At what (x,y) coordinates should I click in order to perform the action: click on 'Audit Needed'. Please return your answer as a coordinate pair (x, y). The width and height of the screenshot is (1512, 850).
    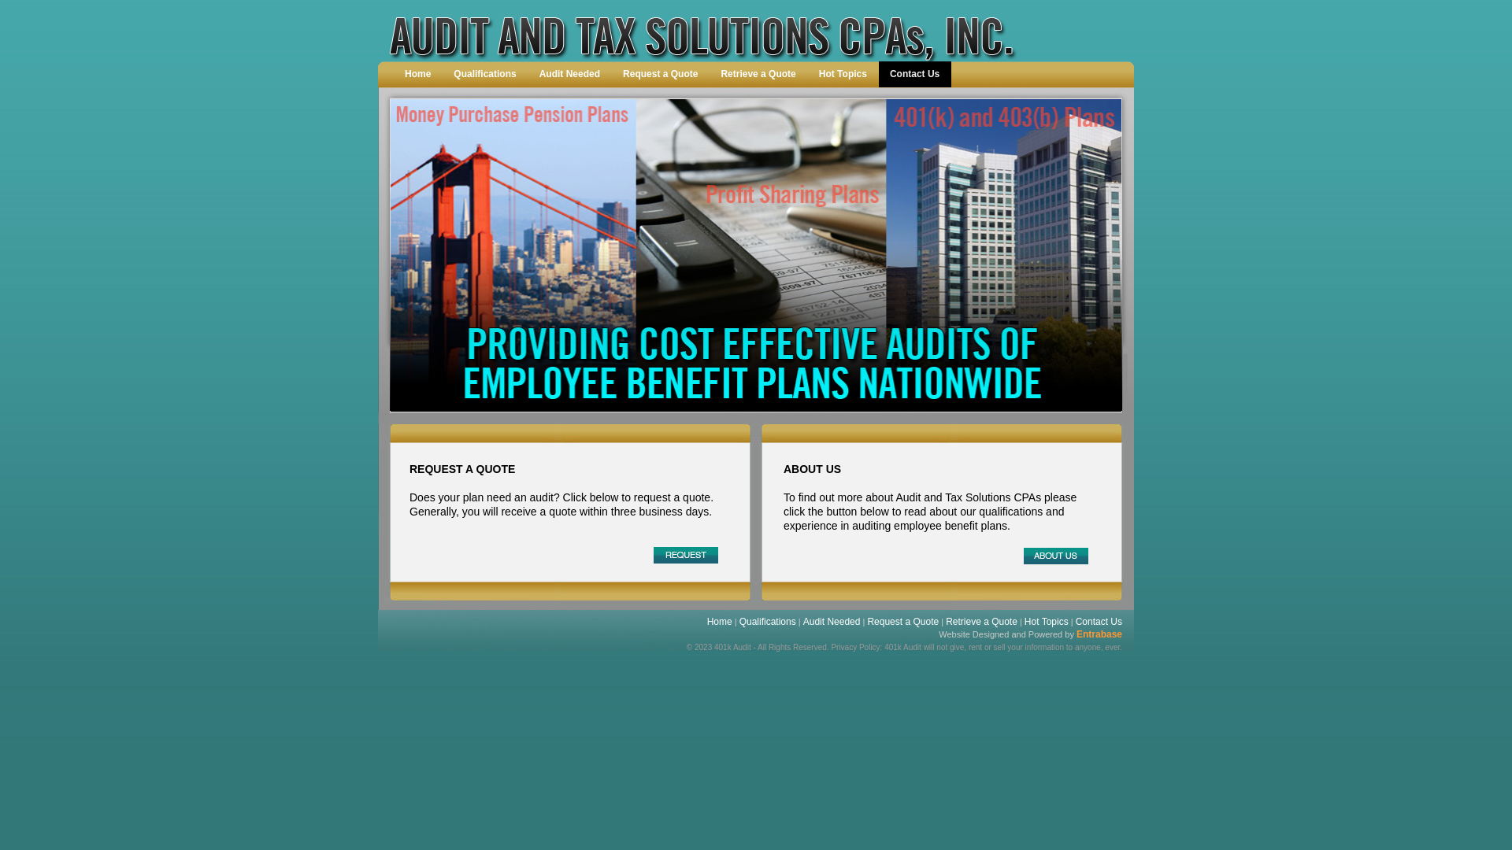
    Looking at the image, I should click on (569, 74).